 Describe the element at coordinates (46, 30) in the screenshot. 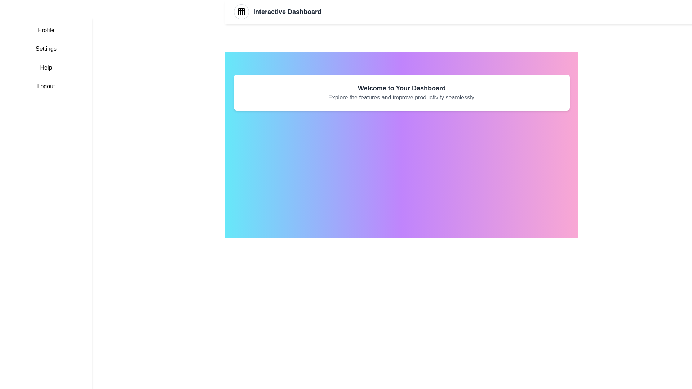

I see `the sidebar menu item labeled Profile` at that location.